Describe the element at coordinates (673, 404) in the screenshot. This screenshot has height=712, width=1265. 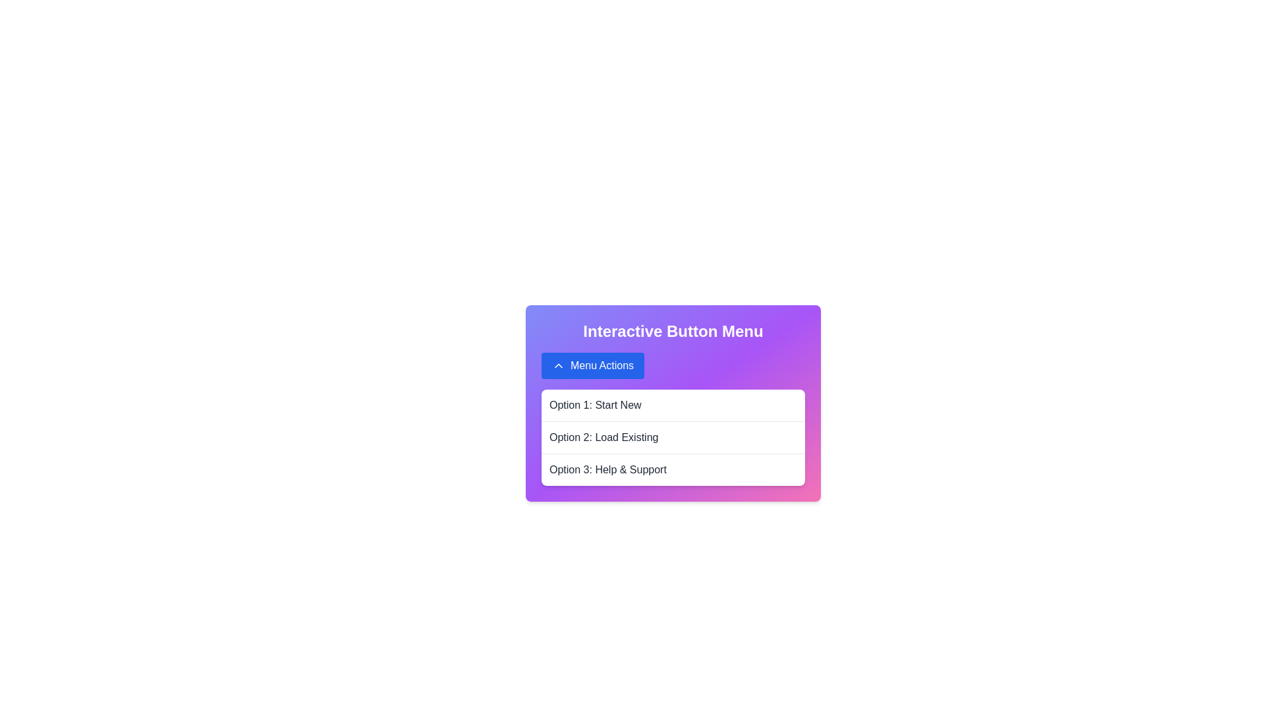
I see `the Menu item labeled 'Option 1: Start New' to activate its hover effects` at that location.